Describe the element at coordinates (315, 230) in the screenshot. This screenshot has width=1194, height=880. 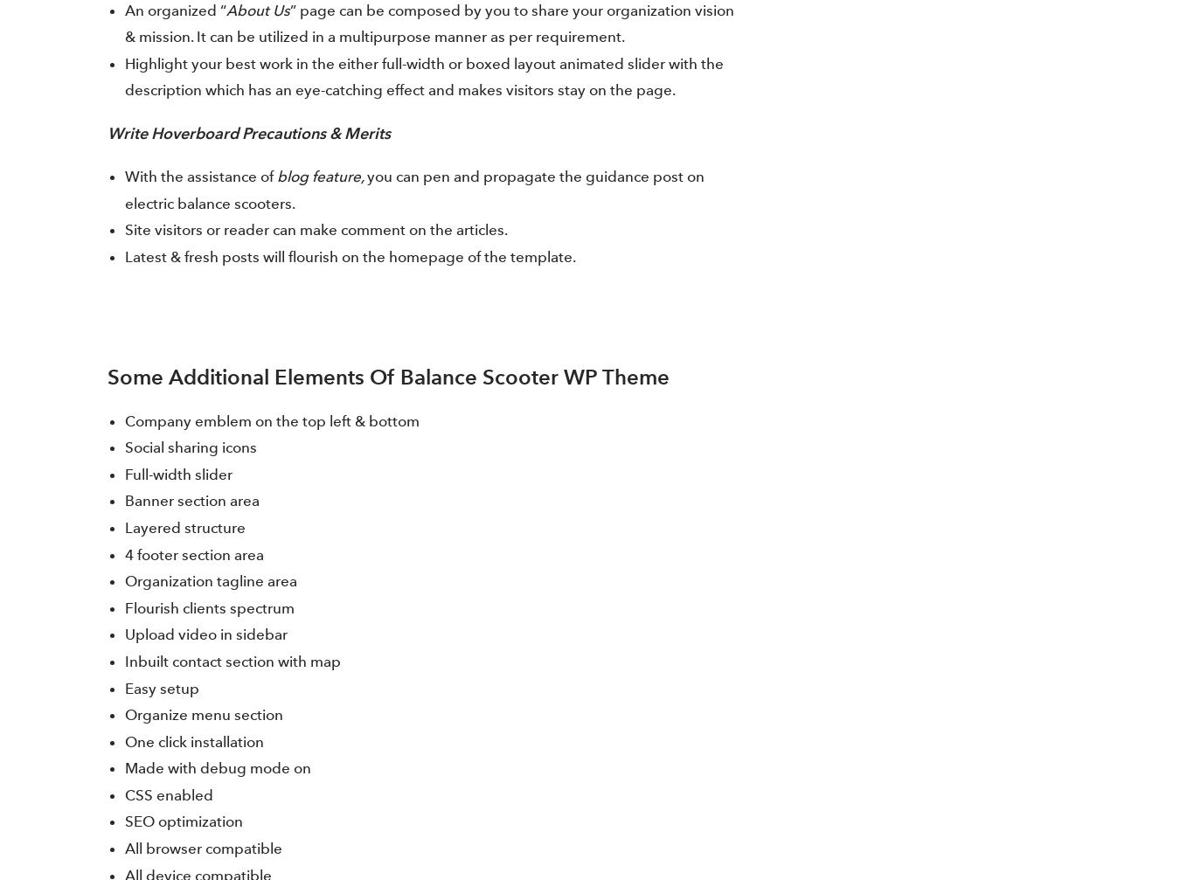
I see `'Site visitors or reader can make comment on the articles.'` at that location.